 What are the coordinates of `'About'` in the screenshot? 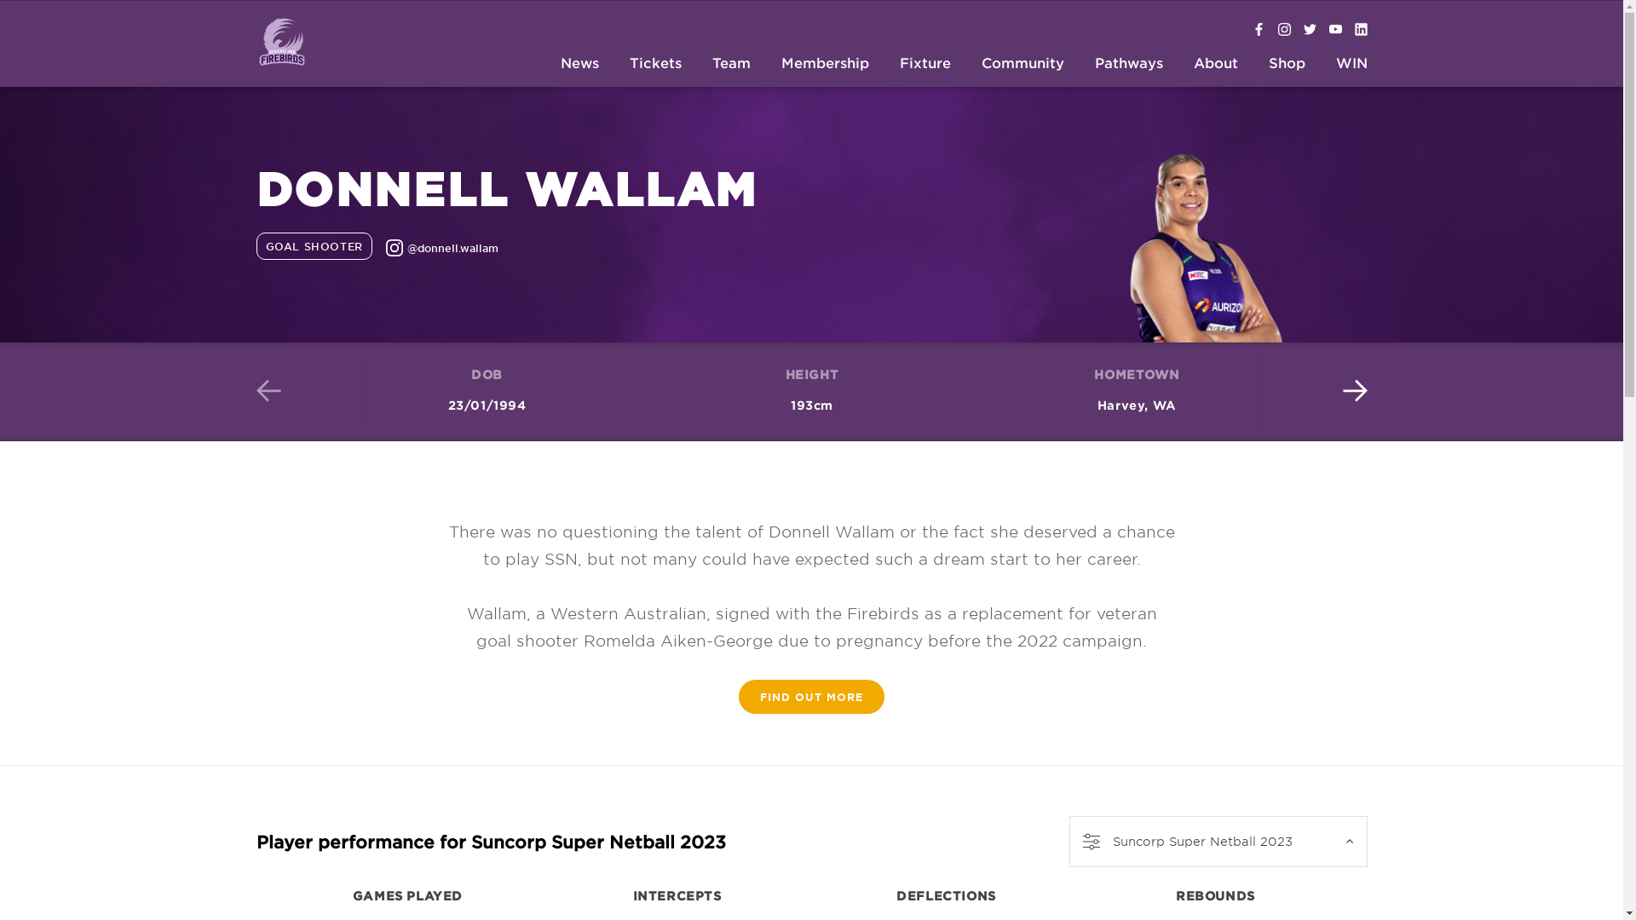 It's located at (1214, 64).